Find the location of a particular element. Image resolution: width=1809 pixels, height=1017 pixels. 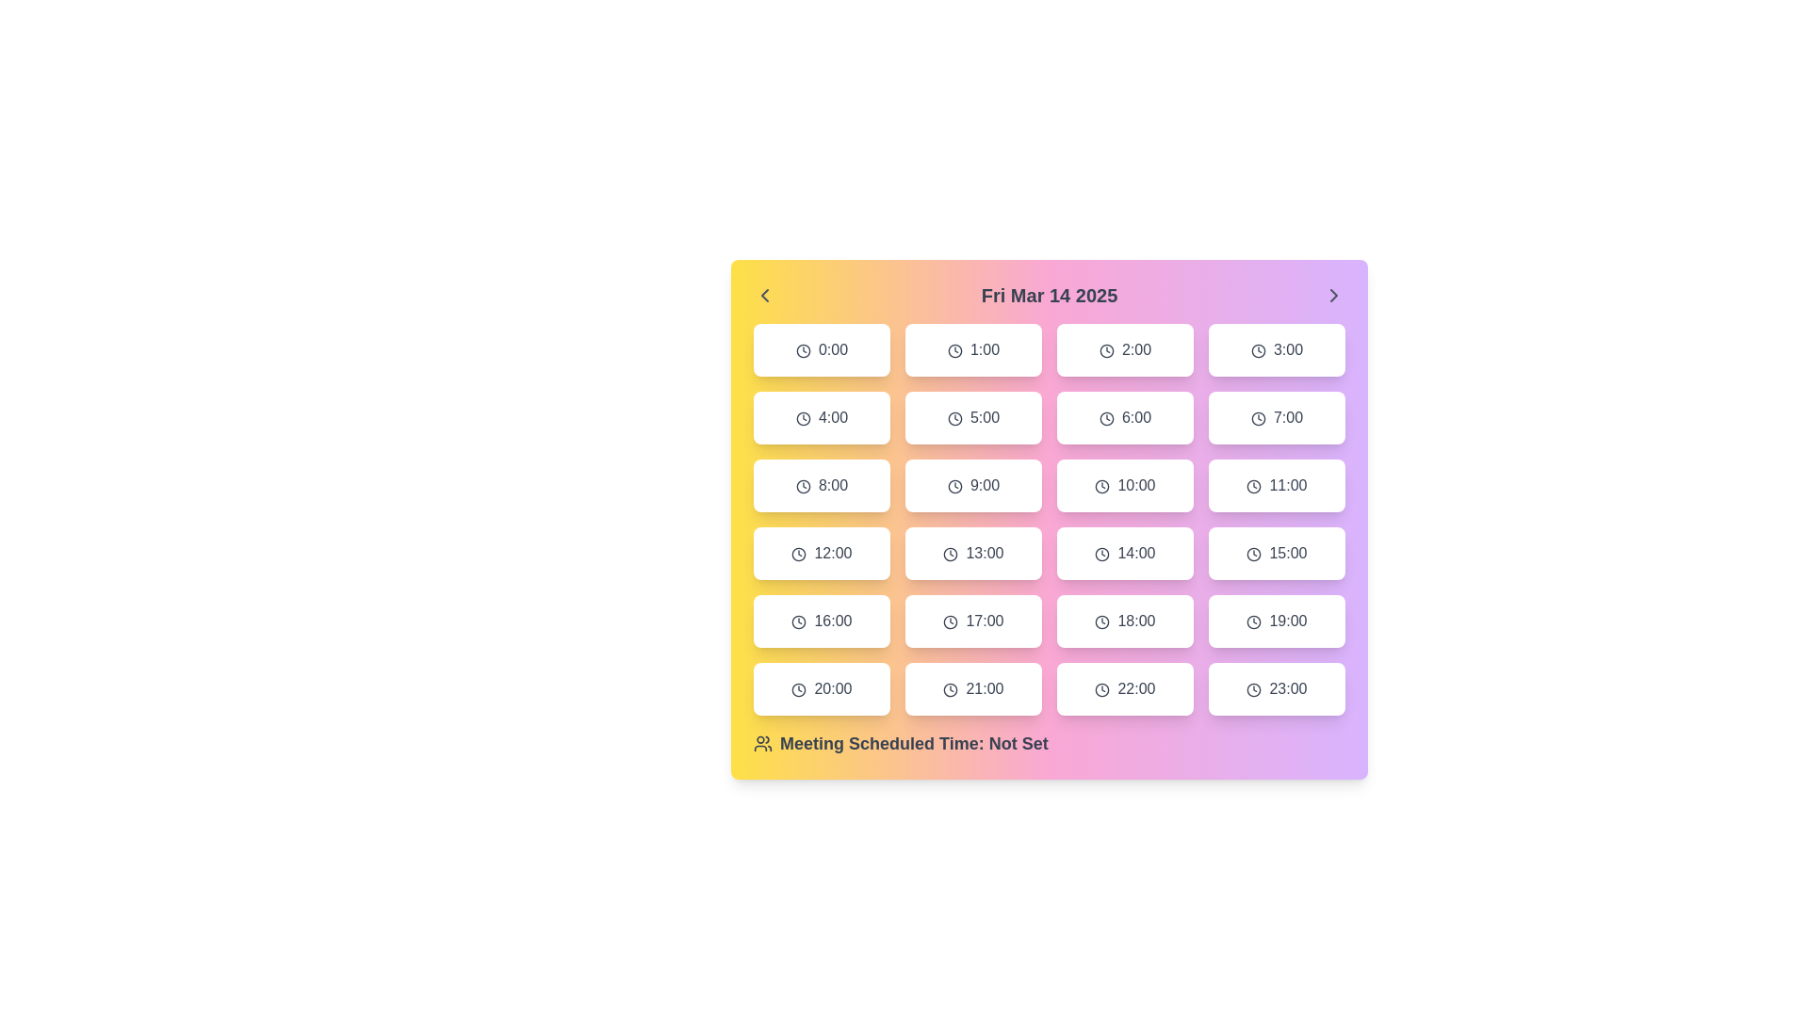

the time icon located inside the button labeled '19:00', which is positioned in the last column of the fourth row of a grid layout, in the bottom-right area of the panel is located at coordinates (1254, 621).